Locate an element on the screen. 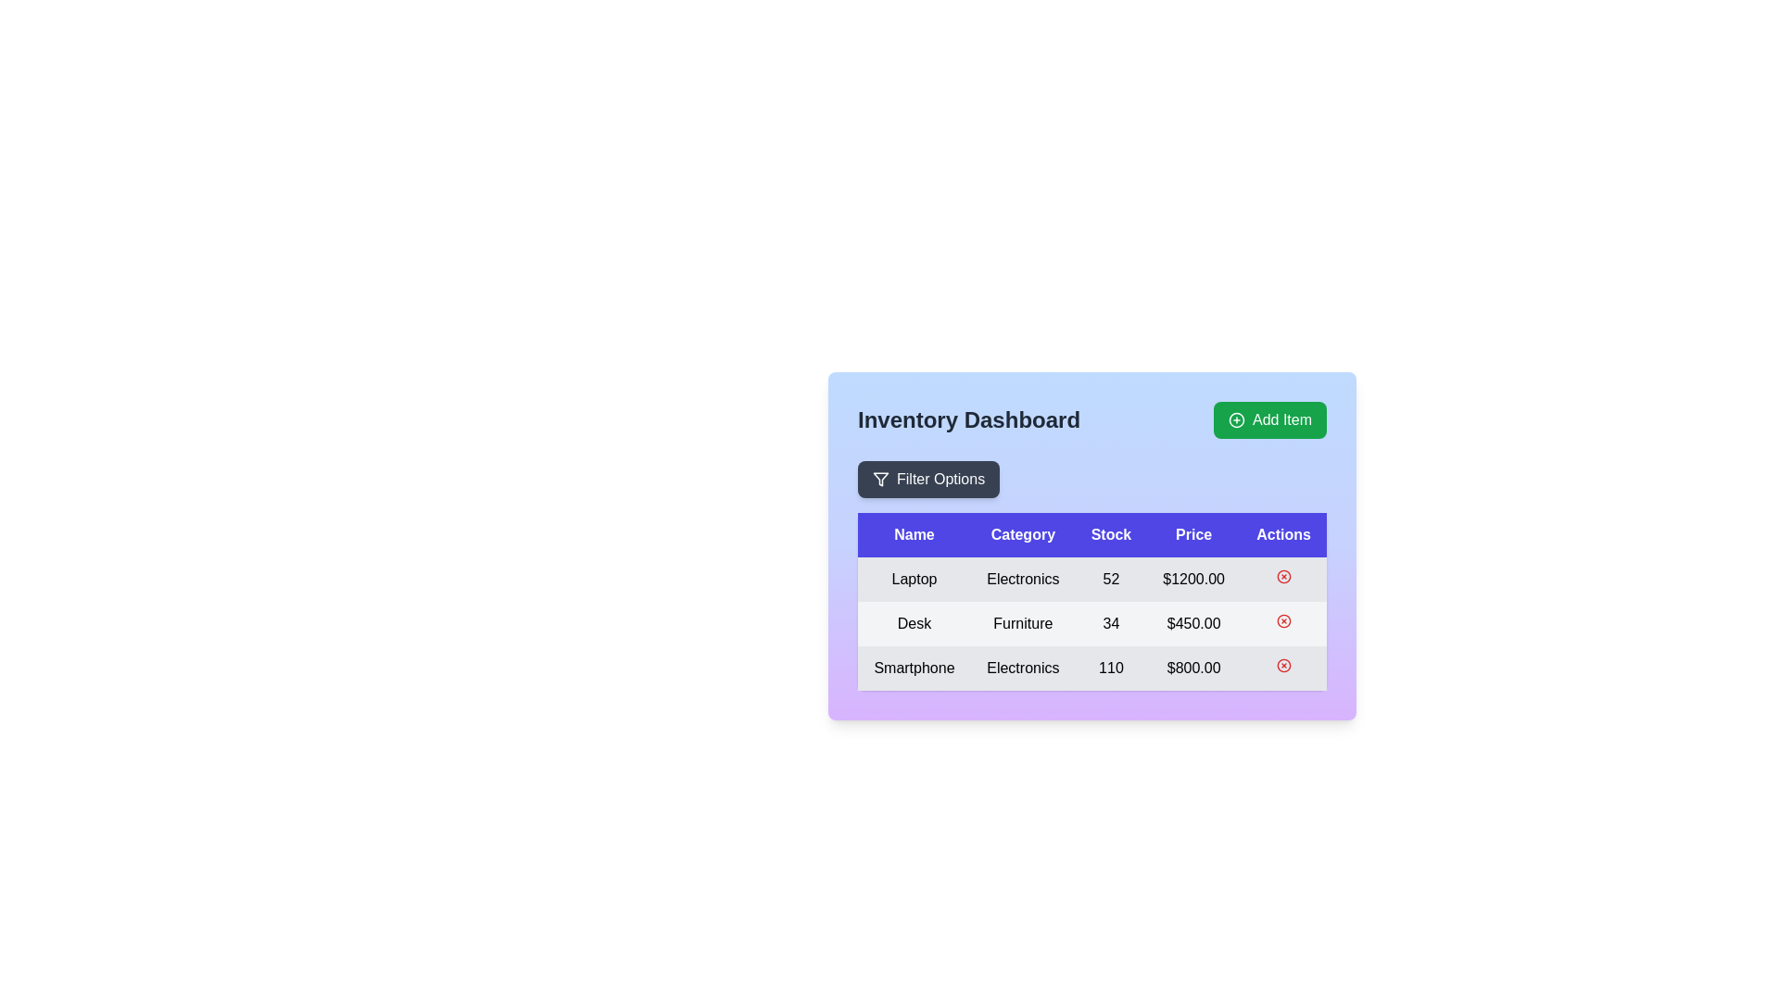 The width and height of the screenshot is (1779, 1000). the static text displaying the stock quantity for the 'Laptop' item in the inventory table located in the 'Stock' column of the first row is located at coordinates (1111, 578).